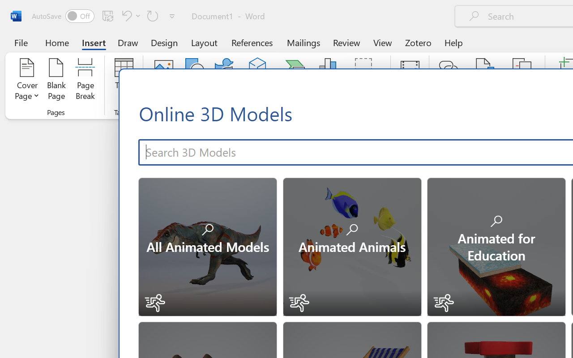 The width and height of the screenshot is (573, 358). I want to click on 'Undo Number Default', so click(125, 15).